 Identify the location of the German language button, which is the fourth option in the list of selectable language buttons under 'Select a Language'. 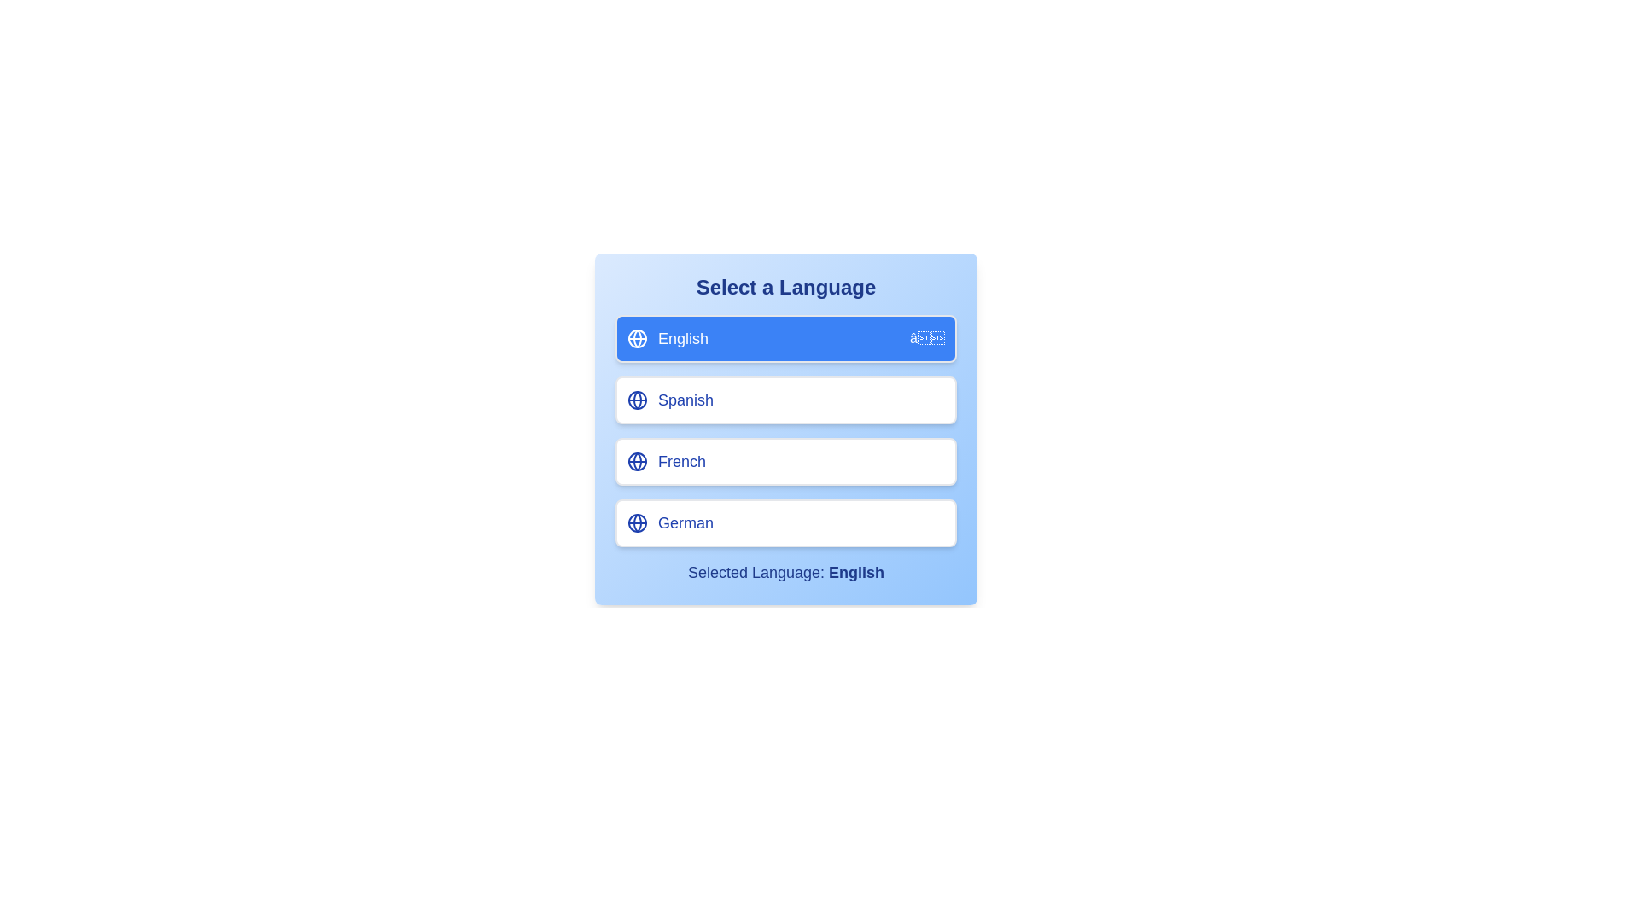
(785, 522).